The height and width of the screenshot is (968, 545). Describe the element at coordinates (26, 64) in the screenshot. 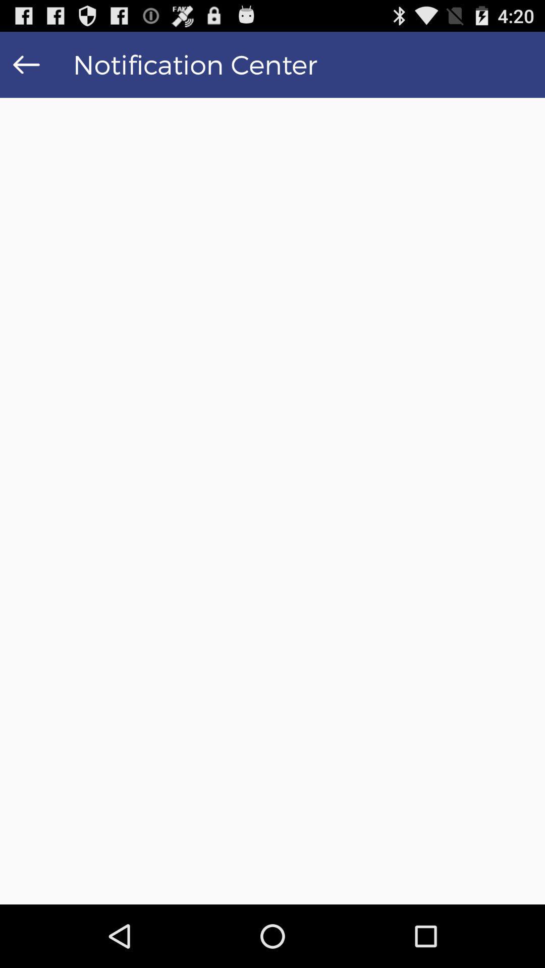

I see `go back` at that location.